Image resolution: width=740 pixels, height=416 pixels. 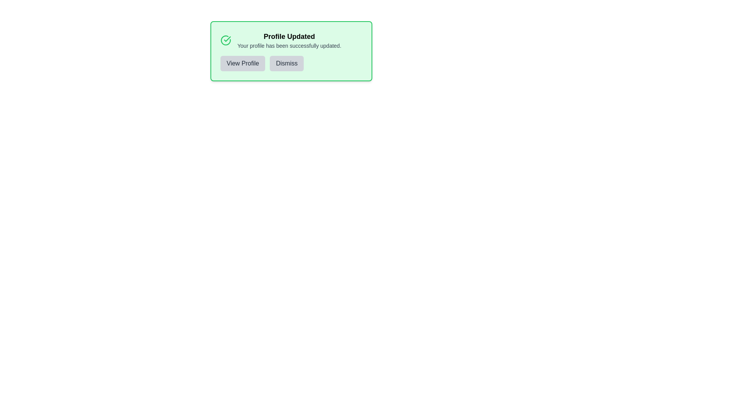 I want to click on the 'Dismiss' button located to the right of the 'View Profile' button within the green notification box by, so click(x=286, y=63).